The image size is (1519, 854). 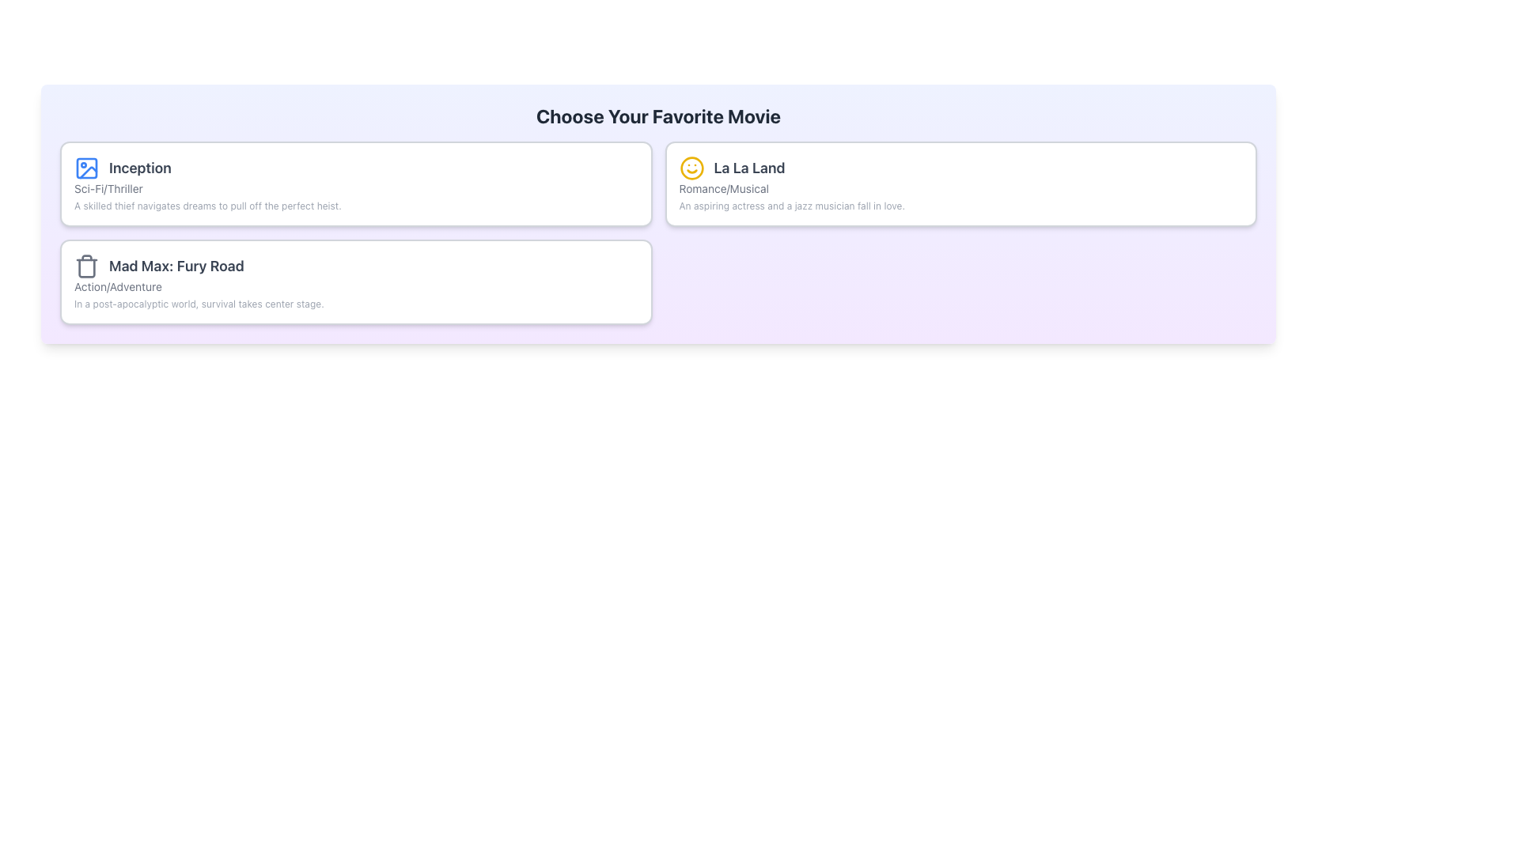 What do you see at coordinates (86, 168) in the screenshot?
I see `the minimalist landscape icon with a blue outline located to the left of the text 'Inception'` at bounding box center [86, 168].